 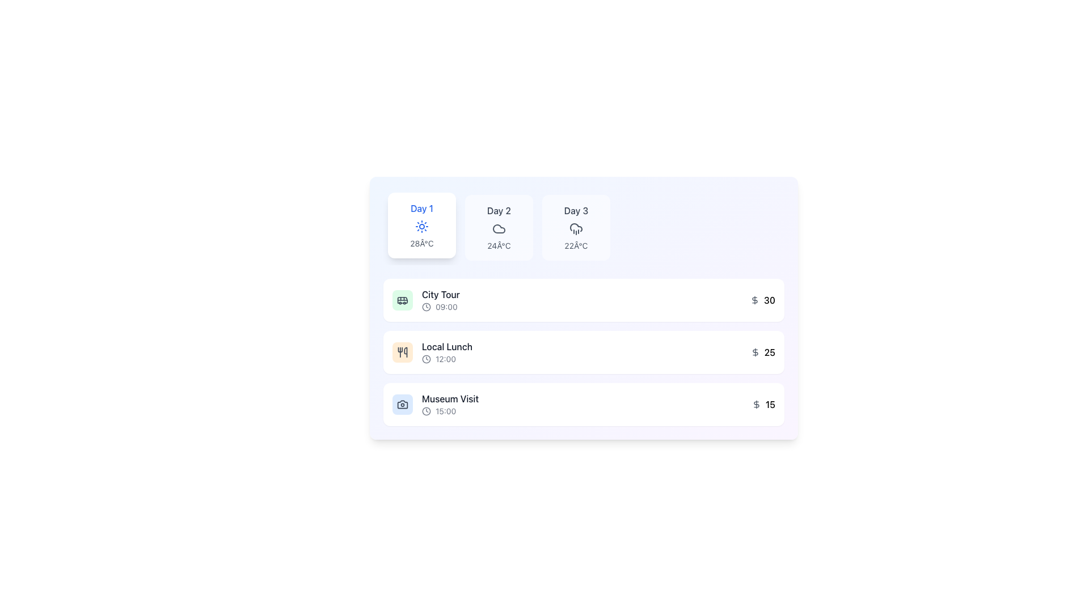 I want to click on the bus icon representing transportation activities for the 'City Tour' item, located in the first card of activities, so click(x=403, y=299).